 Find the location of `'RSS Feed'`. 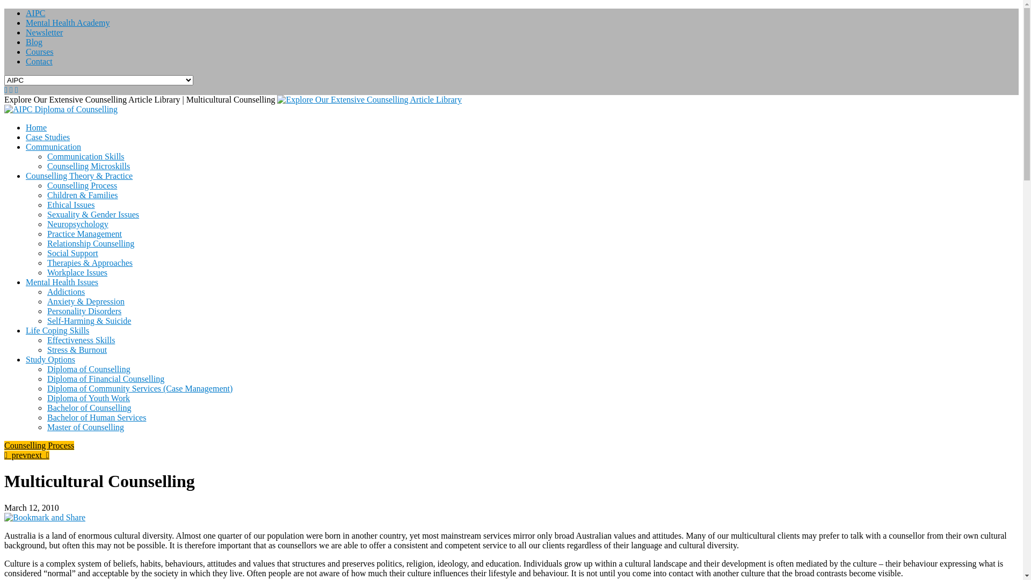

'RSS Feed' is located at coordinates (5, 89).